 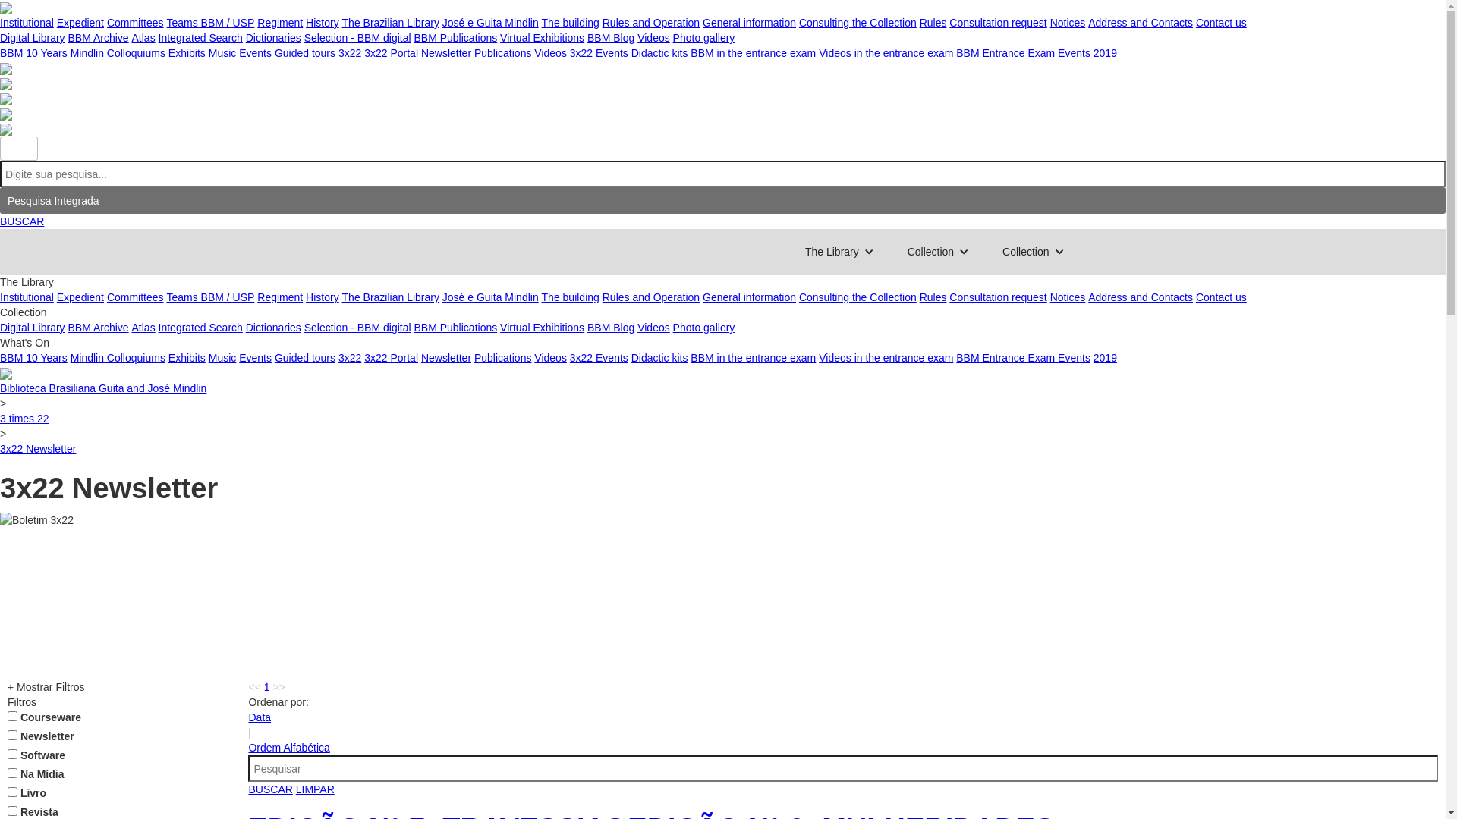 What do you see at coordinates (357, 37) in the screenshot?
I see `'Selection - BBM digital'` at bounding box center [357, 37].